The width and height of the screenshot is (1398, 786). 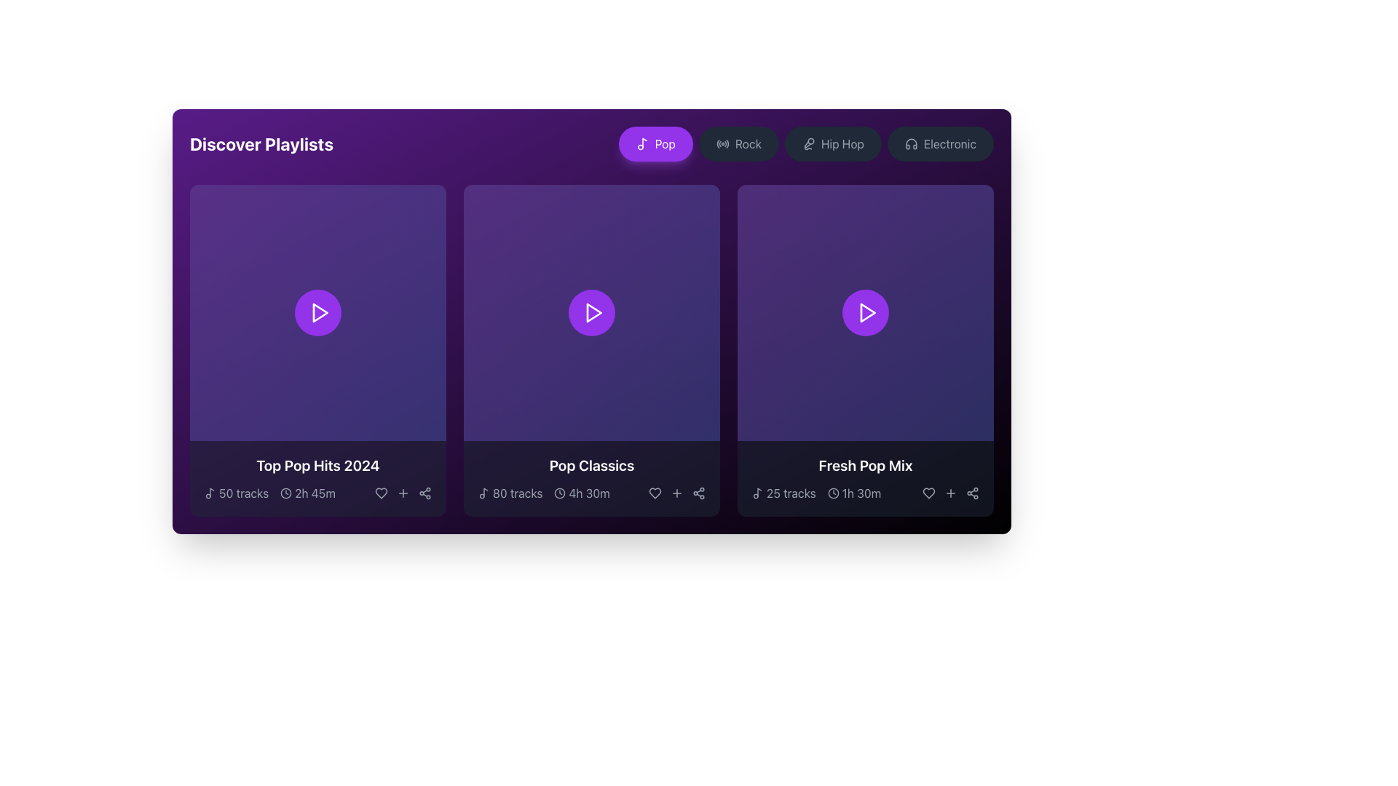 What do you see at coordinates (866, 311) in the screenshot?
I see `the play button located at the center of the rightmost card to initiate playback of the associated audio or video content` at bounding box center [866, 311].